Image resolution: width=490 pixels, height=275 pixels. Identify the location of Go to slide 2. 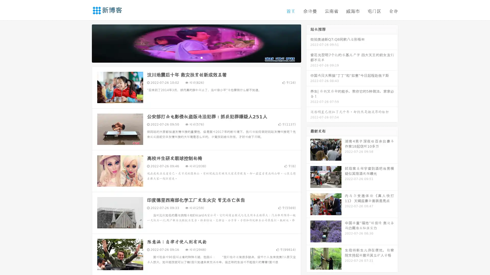
(196, 57).